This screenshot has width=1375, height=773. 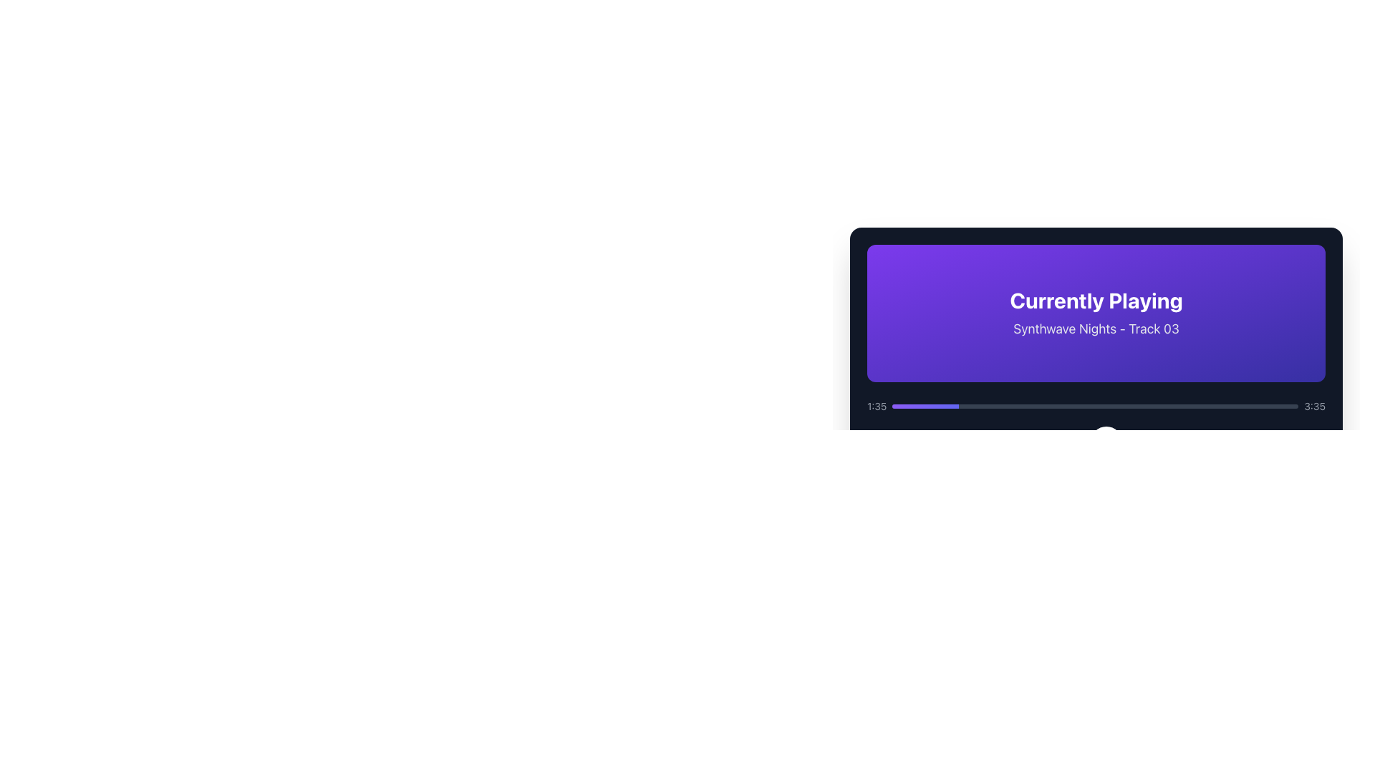 What do you see at coordinates (1315, 406) in the screenshot?
I see `the static text display showing '3:35' in gray color, located on the far-right of the progress bar in the music player interface` at bounding box center [1315, 406].